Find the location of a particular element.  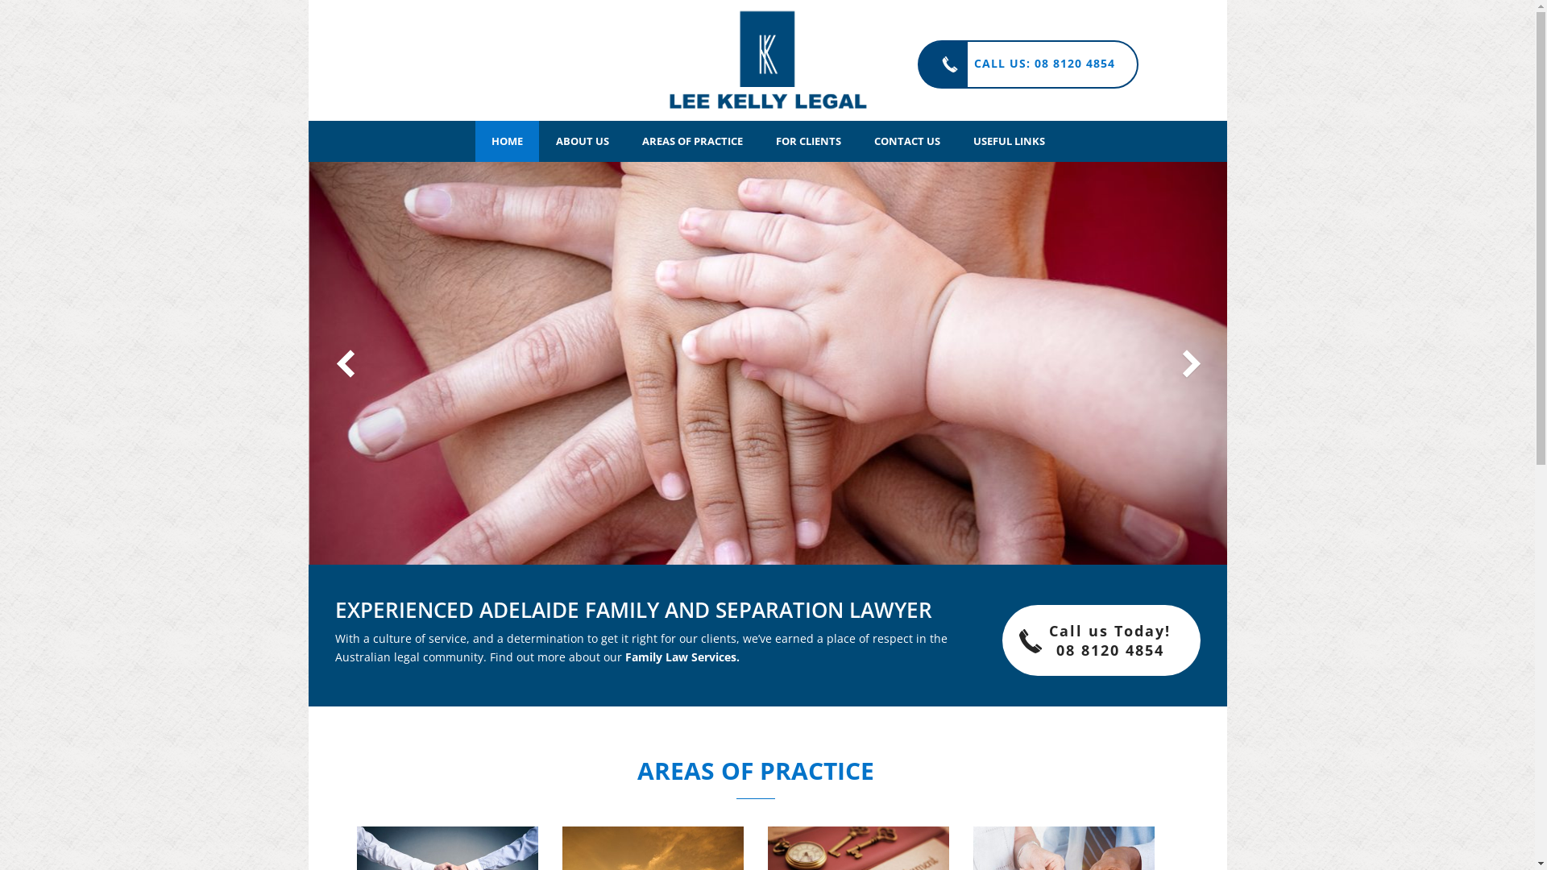

'ABOUT US' is located at coordinates (582, 140).